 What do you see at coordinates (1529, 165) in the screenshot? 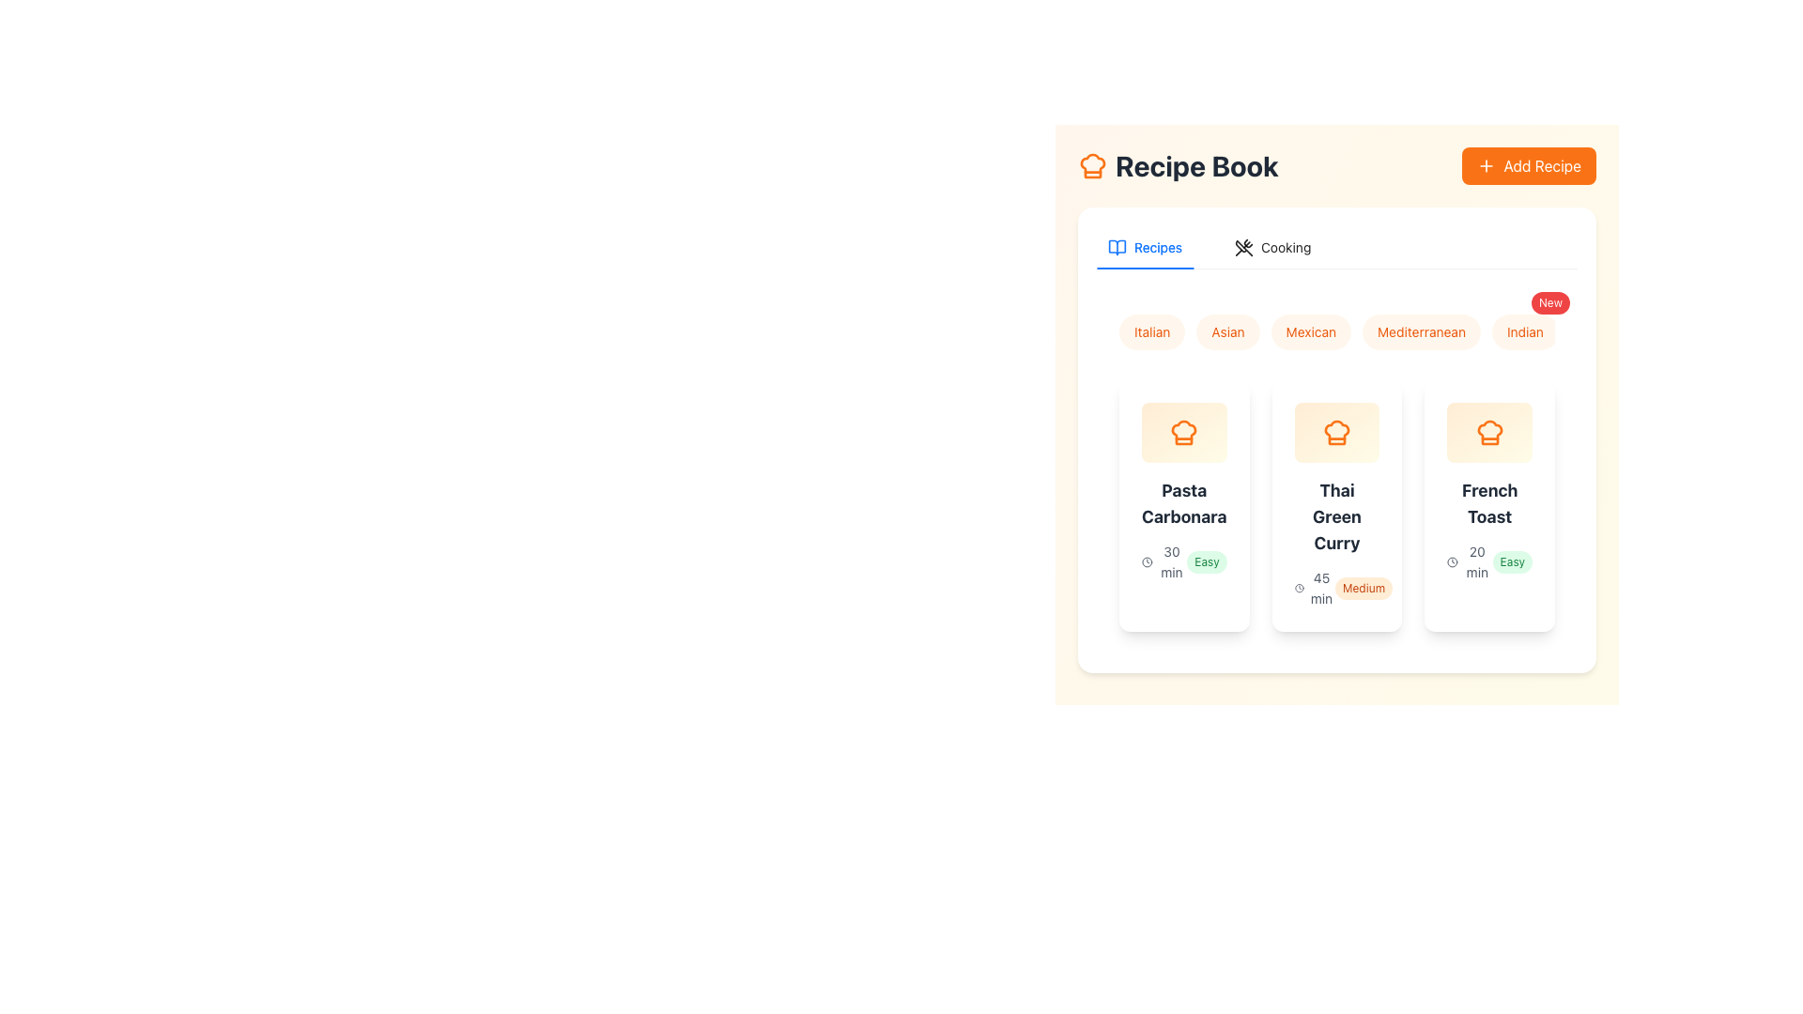
I see `the button located at the top-right corner of the 'Recipe Book' section to observe the hover effects` at bounding box center [1529, 165].